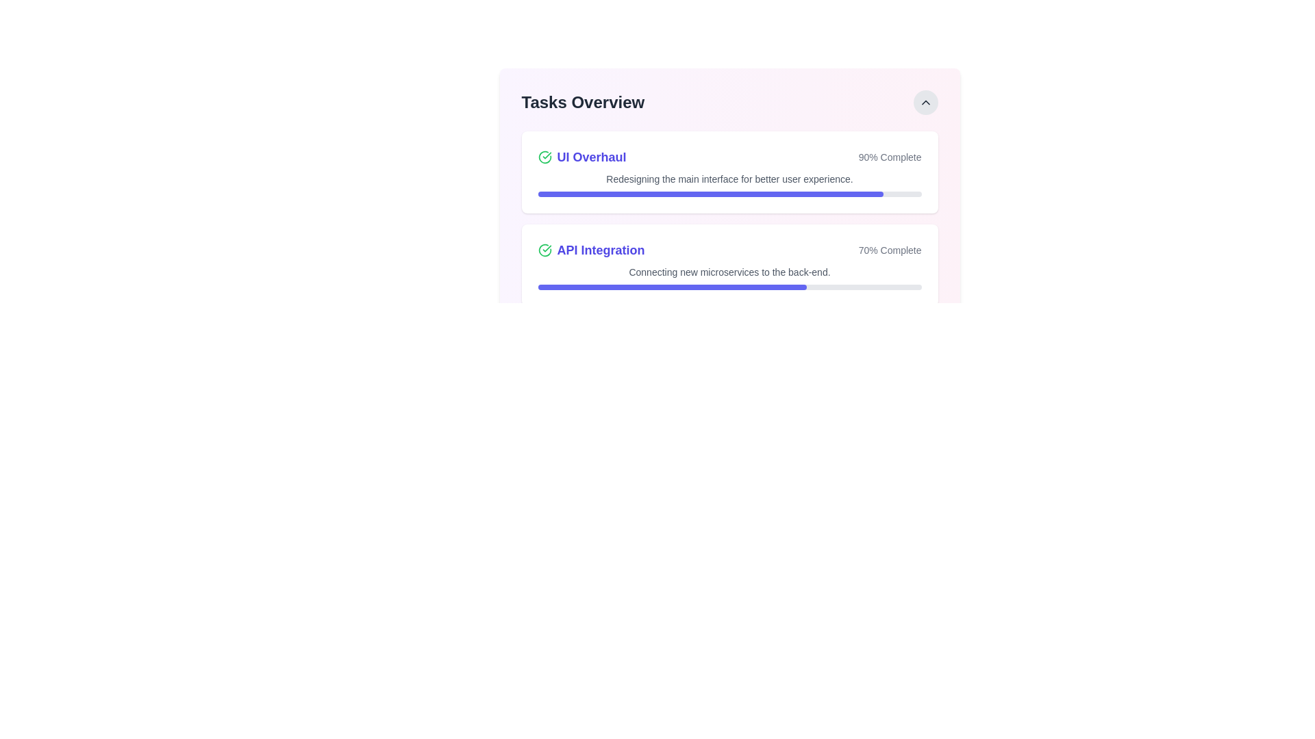 The width and height of the screenshot is (1315, 739). Describe the element at coordinates (544, 157) in the screenshot. I see `the status indicator icon located on the left side of the 'UI Overhaul' header, which visually indicates the task status as 'completed' or 'verified'` at that location.